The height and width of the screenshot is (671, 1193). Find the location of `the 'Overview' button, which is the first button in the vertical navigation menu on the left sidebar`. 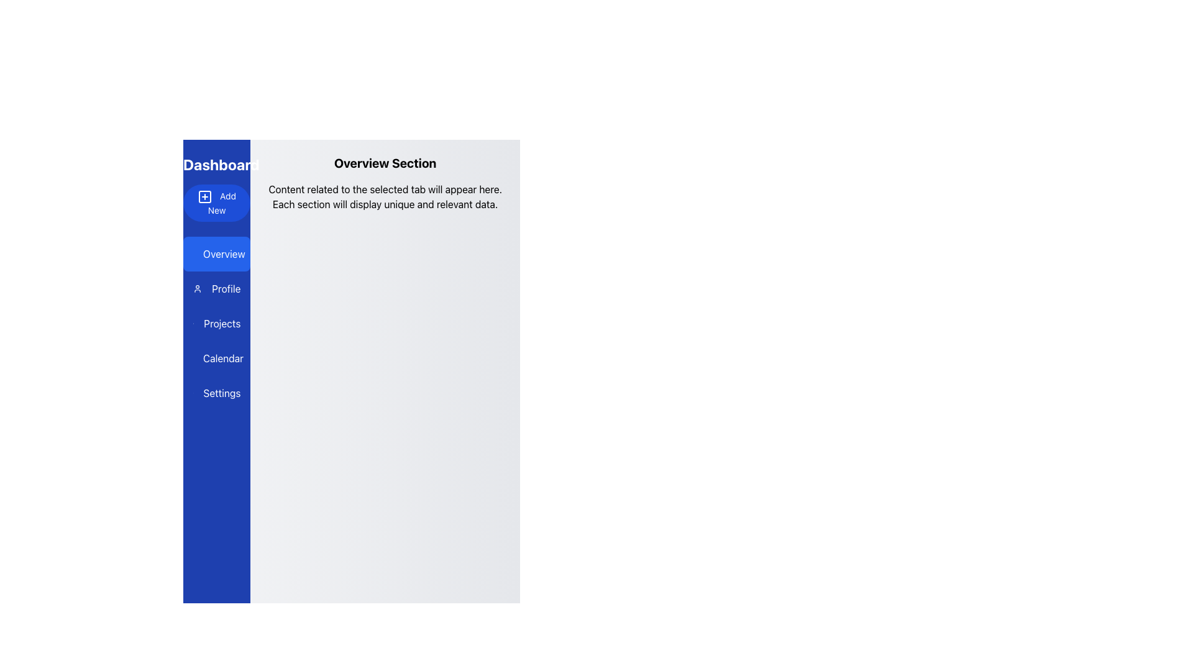

the 'Overview' button, which is the first button in the vertical navigation menu on the left sidebar is located at coordinates (217, 253).